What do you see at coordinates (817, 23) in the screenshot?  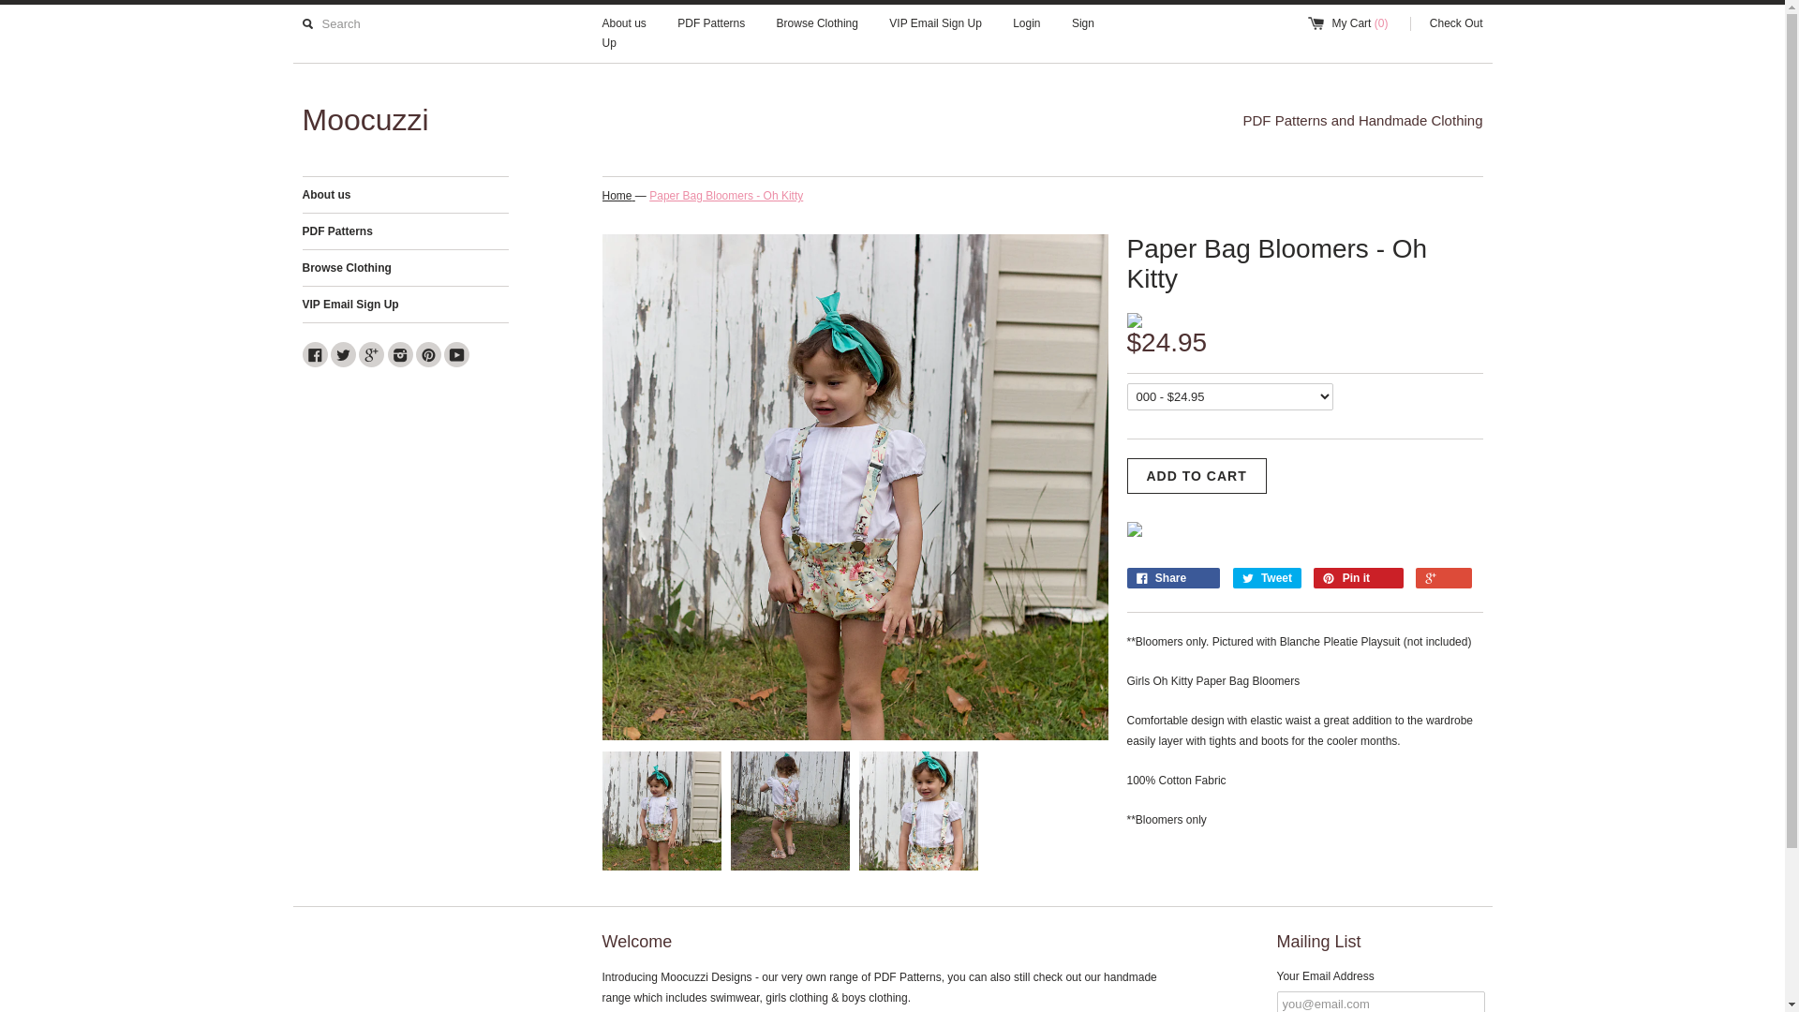 I see `'Browse Clothing'` at bounding box center [817, 23].